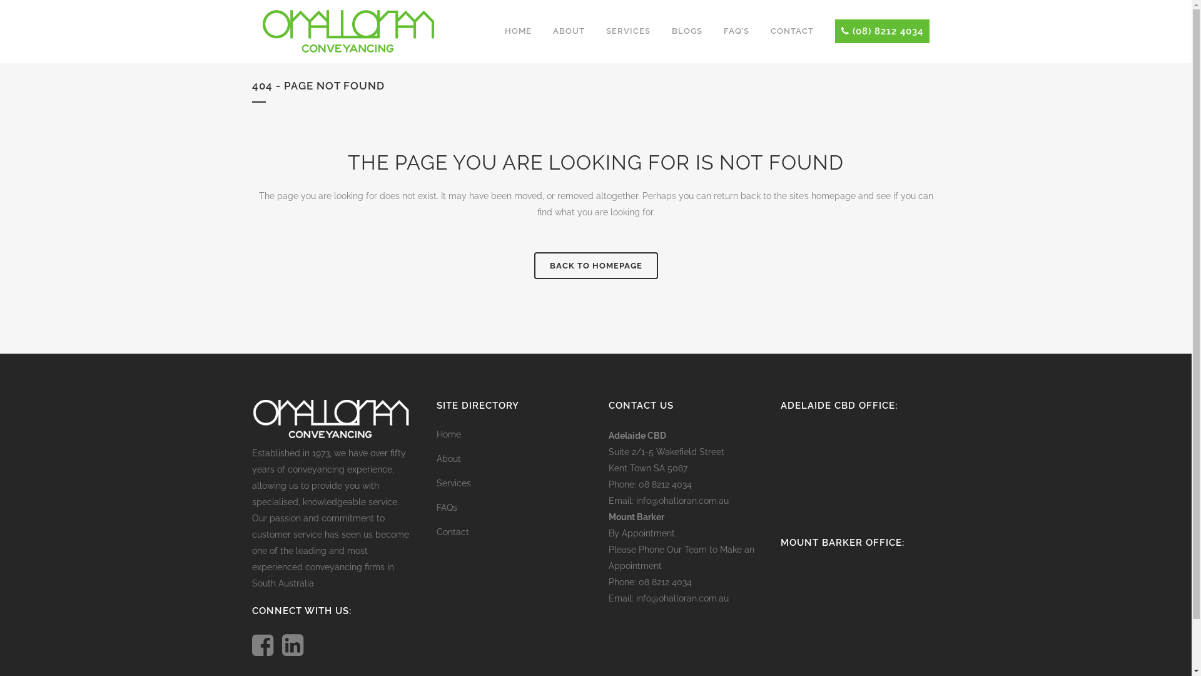 Image resolution: width=1201 pixels, height=676 pixels. What do you see at coordinates (665, 460) in the screenshot?
I see `'Suite 2/1-5 Wakefield Street` at bounding box center [665, 460].